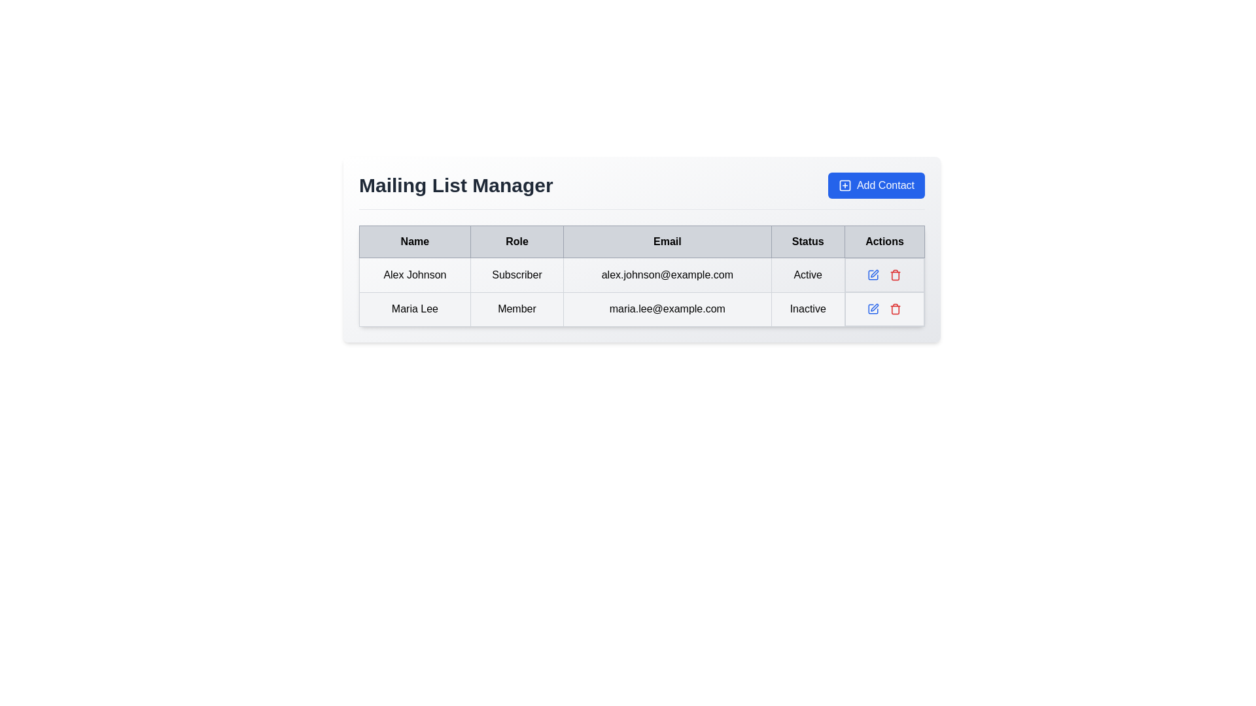 The width and height of the screenshot is (1256, 706). Describe the element at coordinates (667, 242) in the screenshot. I see `the Table Header Cell indicating email addresses, which is the third cell from the left in the header row, positioned between 'Role' and 'Status'` at that location.